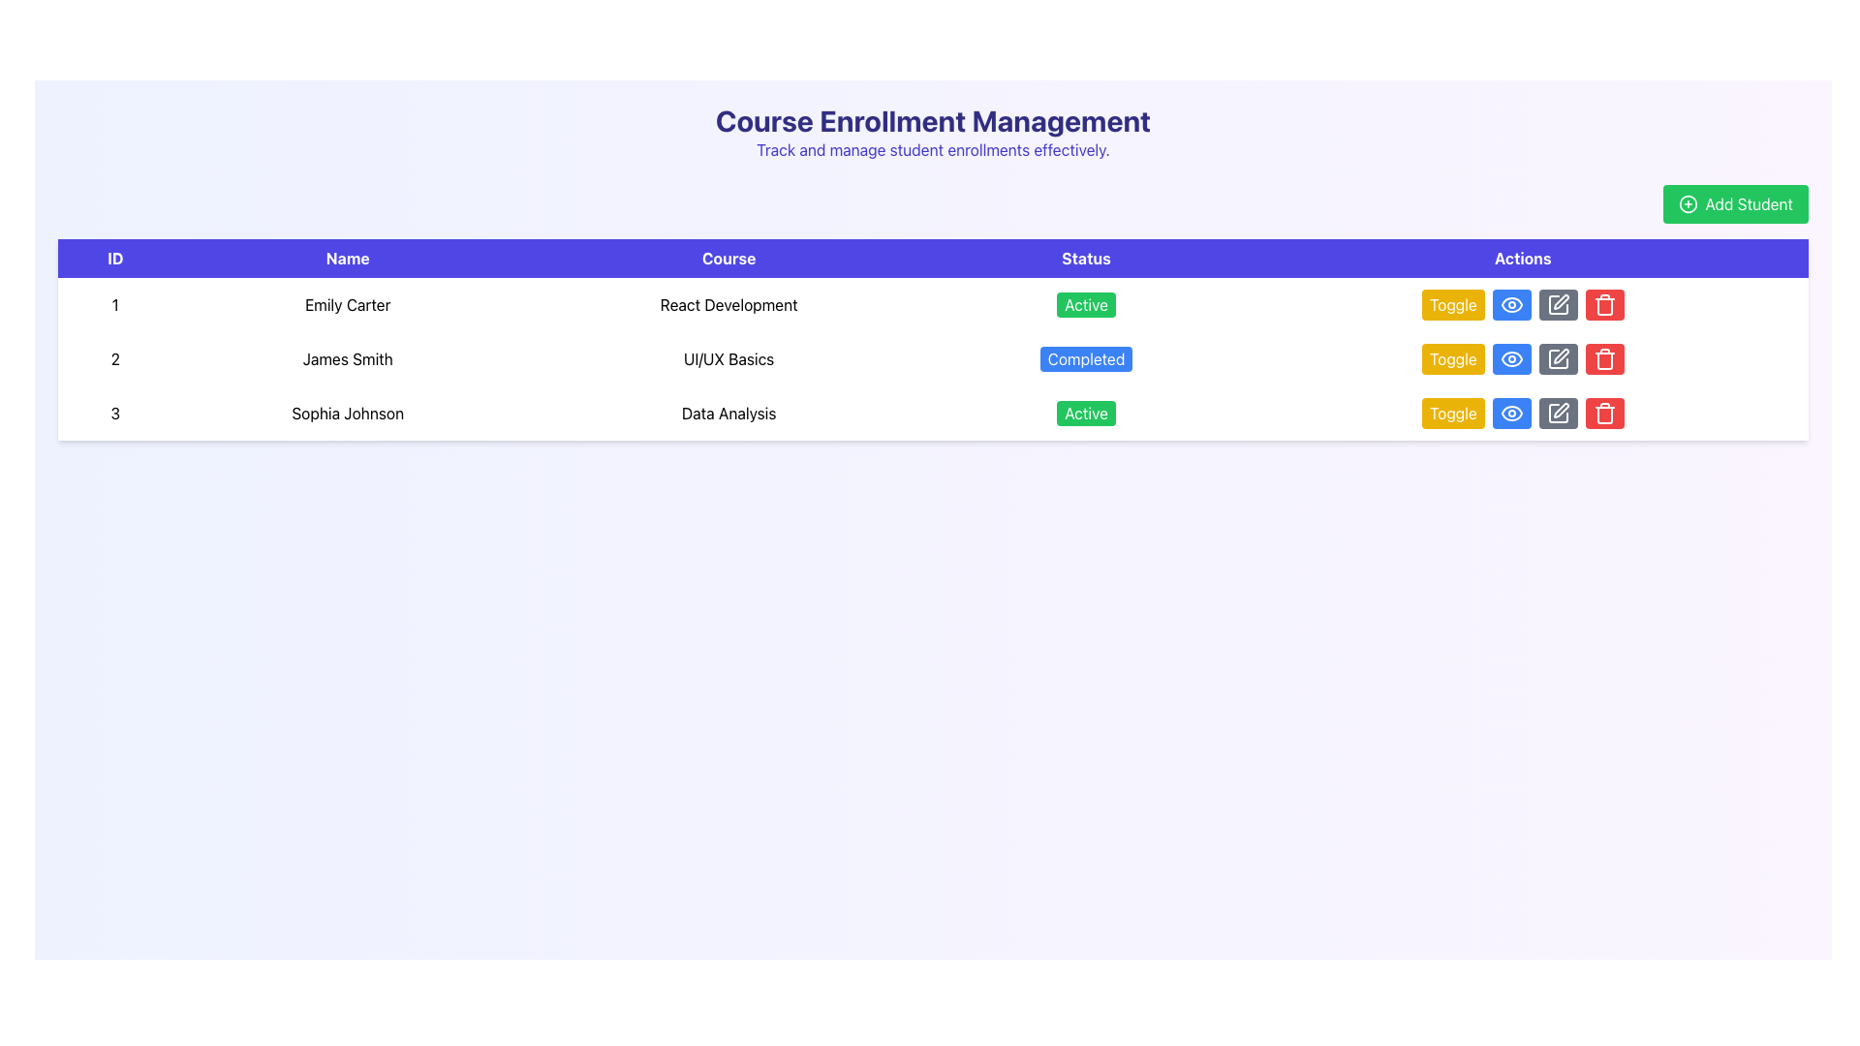  I want to click on the third button in the 'Actions' column of the first row to initiate editing of the student's enrollment information, so click(1558, 358).